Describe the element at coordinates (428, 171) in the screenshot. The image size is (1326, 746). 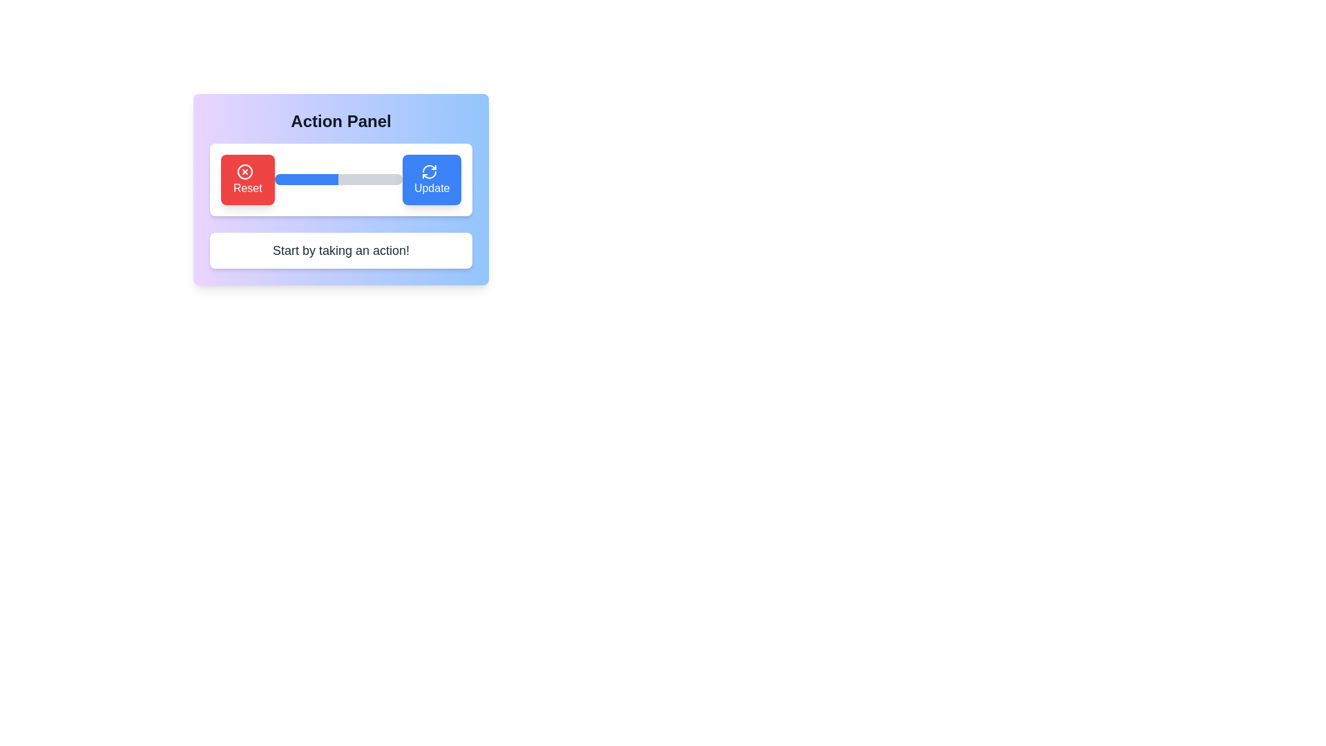
I see `the refresh icon located inside the blue 'Update' button on the right side of the action panel` at that location.